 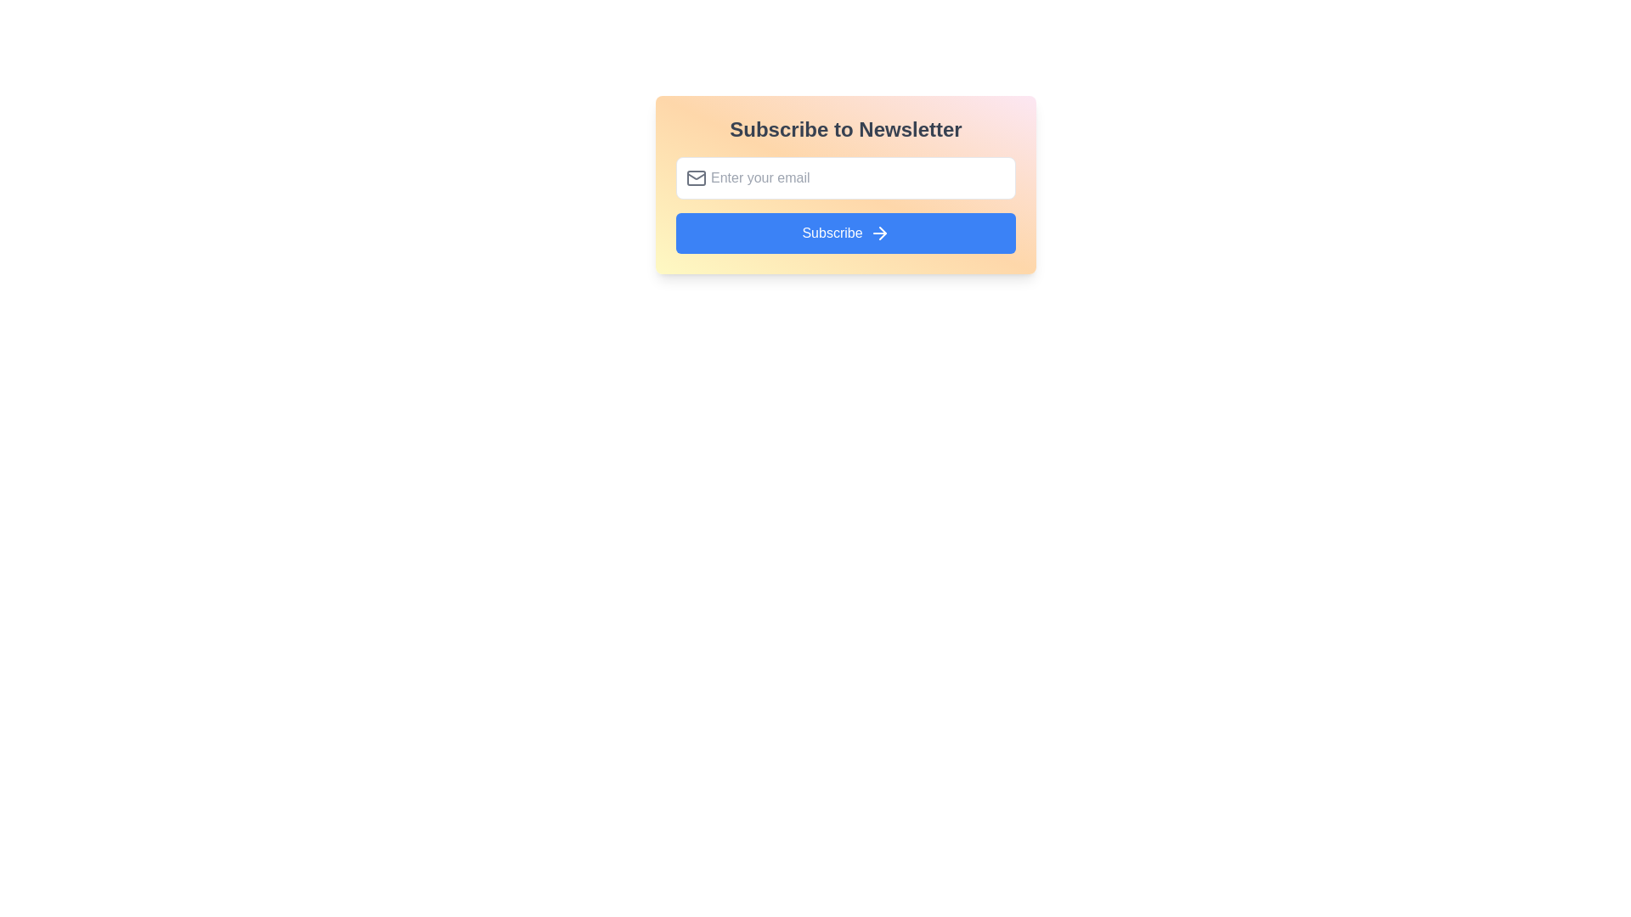 I want to click on the rectangular SVG shape that is part of the mail icon, located to the left of the 'Enter your email' text box, so click(x=697, y=177).